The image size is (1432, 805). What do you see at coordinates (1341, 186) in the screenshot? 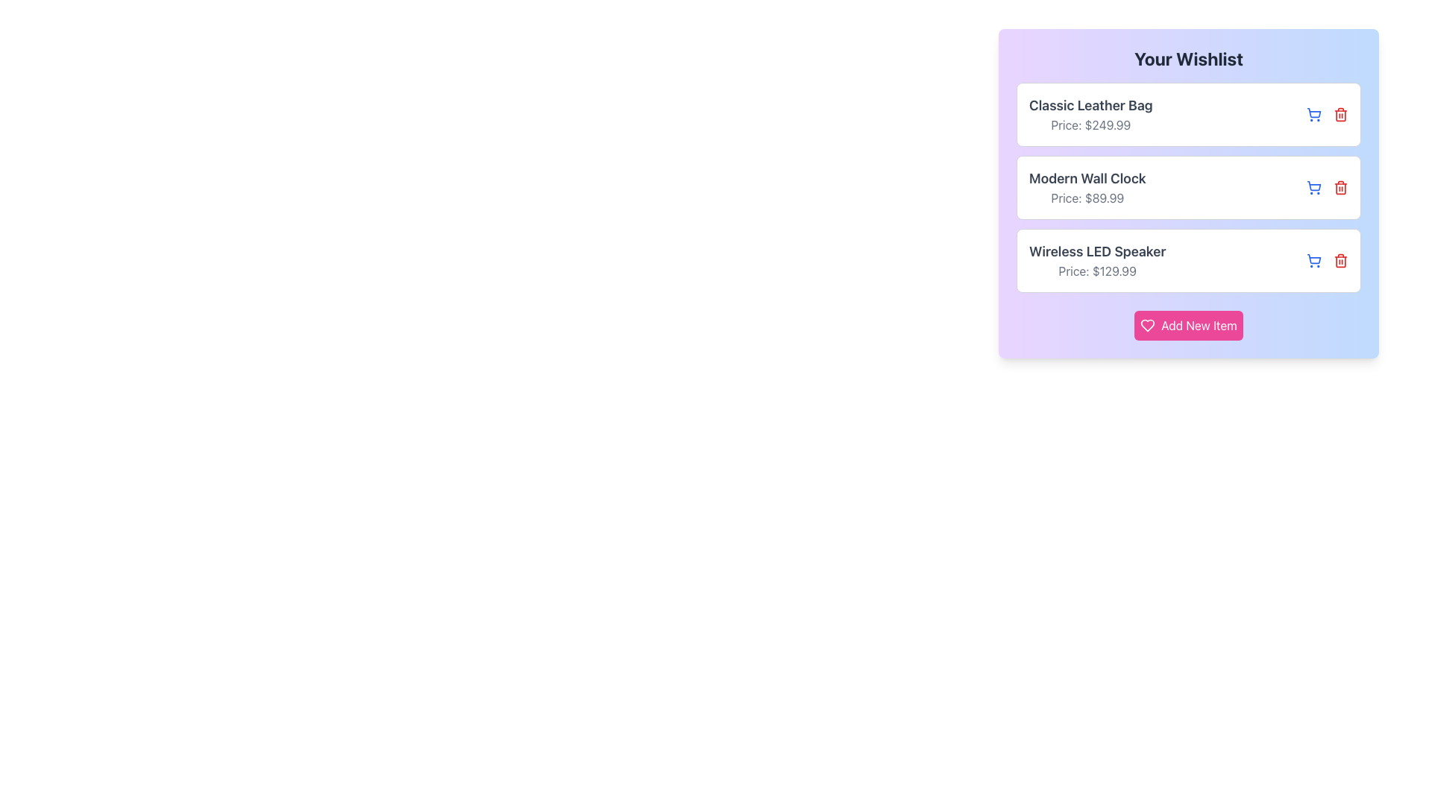
I see `the red trash bin icon located at the end of the horizontal row representing the second wishlist item` at bounding box center [1341, 186].